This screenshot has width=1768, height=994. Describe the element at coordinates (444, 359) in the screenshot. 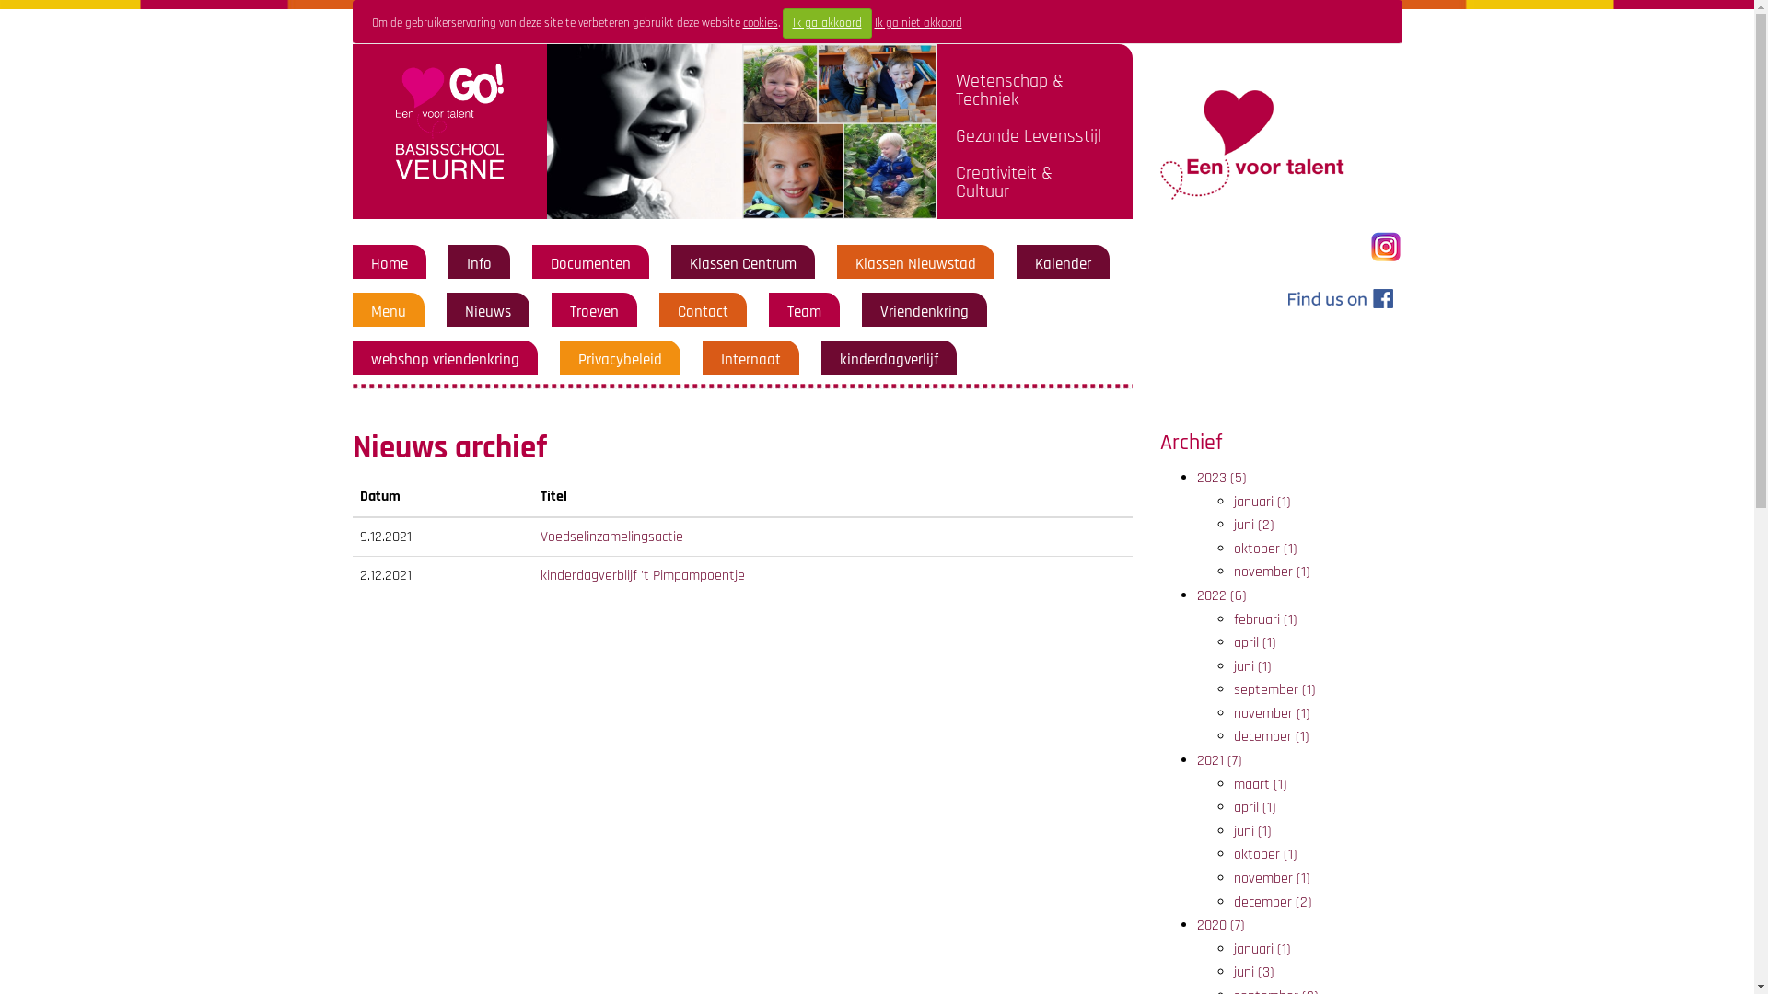

I see `'webshop vriendenkring'` at that location.